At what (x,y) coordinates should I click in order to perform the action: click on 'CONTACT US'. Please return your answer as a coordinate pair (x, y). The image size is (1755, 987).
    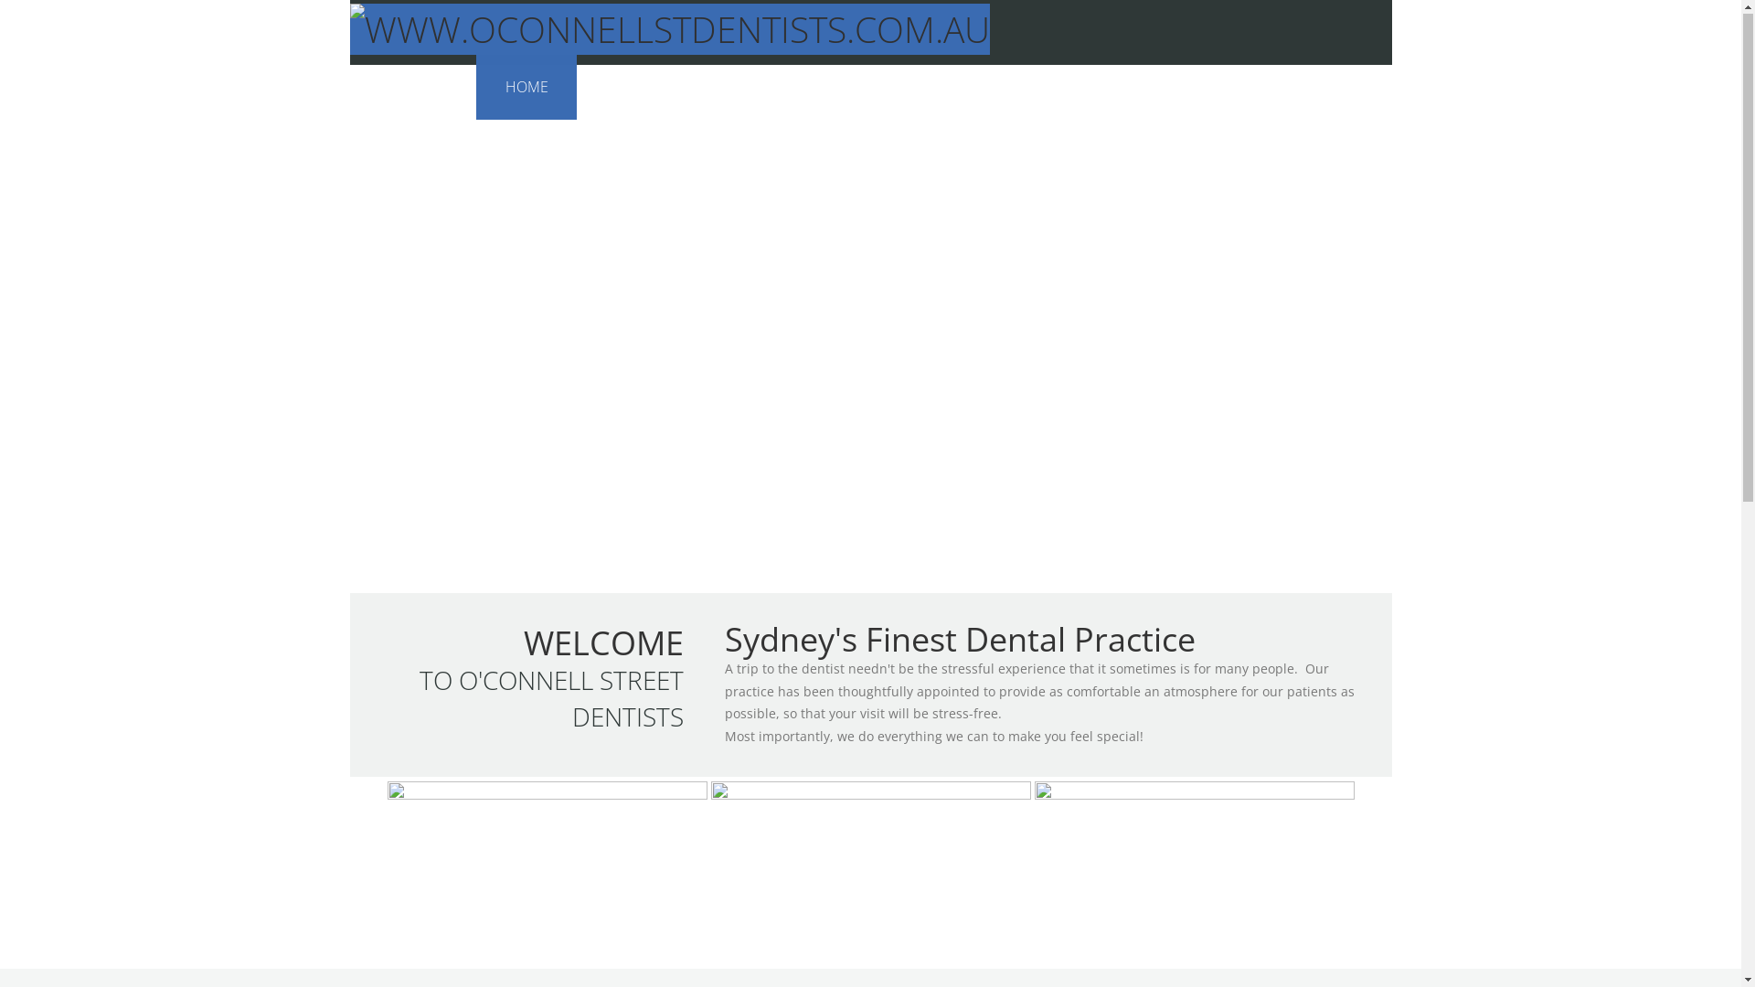
    Looking at the image, I should click on (1320, 88).